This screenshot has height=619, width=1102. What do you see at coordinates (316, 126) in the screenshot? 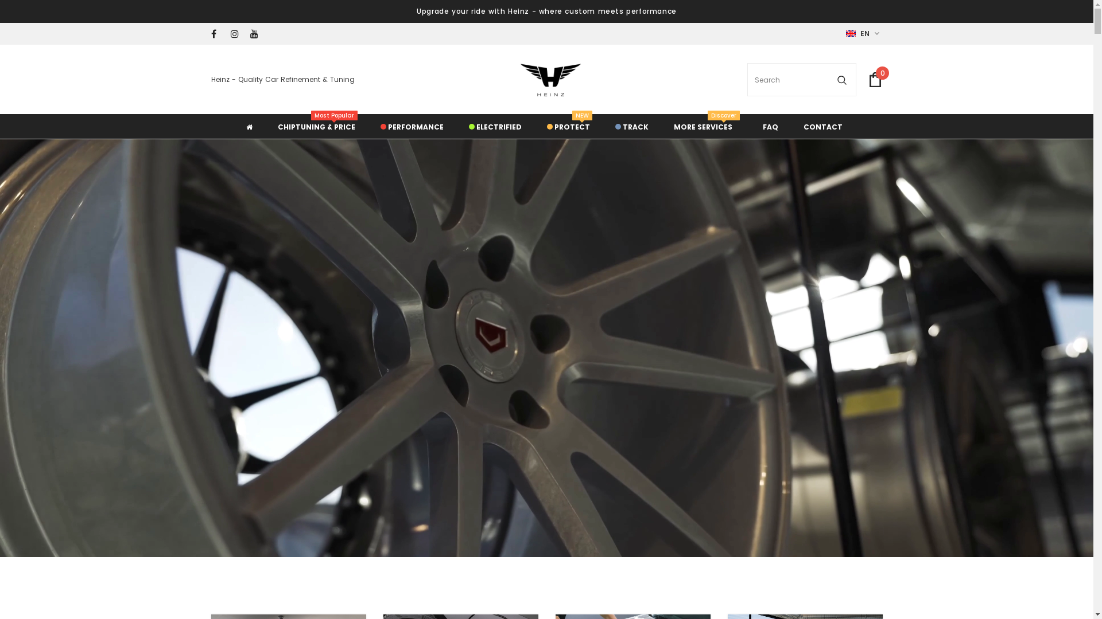
I see `'CHIPTUNING & PRICE` at bounding box center [316, 126].